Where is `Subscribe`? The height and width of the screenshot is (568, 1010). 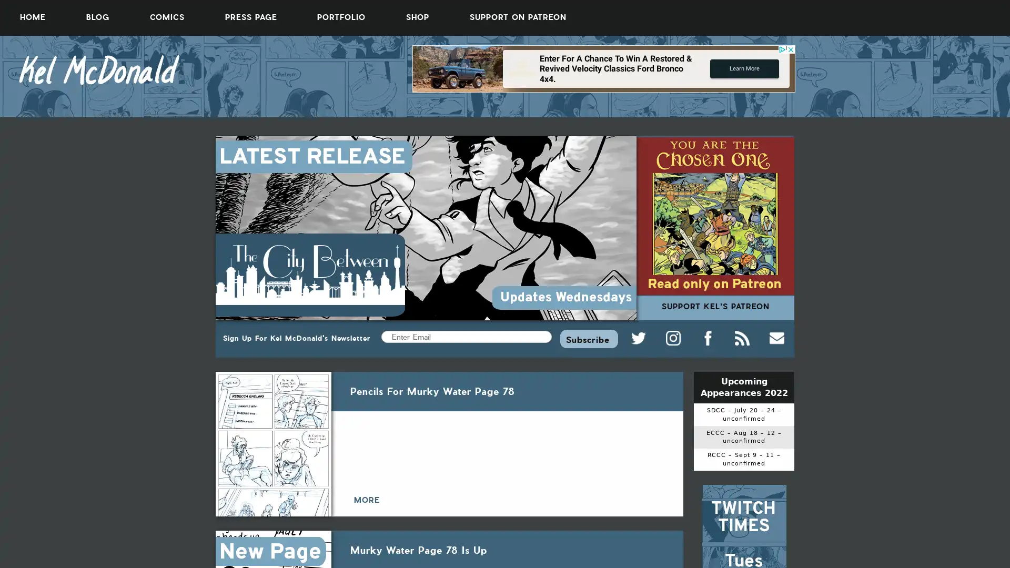
Subscribe is located at coordinates (588, 338).